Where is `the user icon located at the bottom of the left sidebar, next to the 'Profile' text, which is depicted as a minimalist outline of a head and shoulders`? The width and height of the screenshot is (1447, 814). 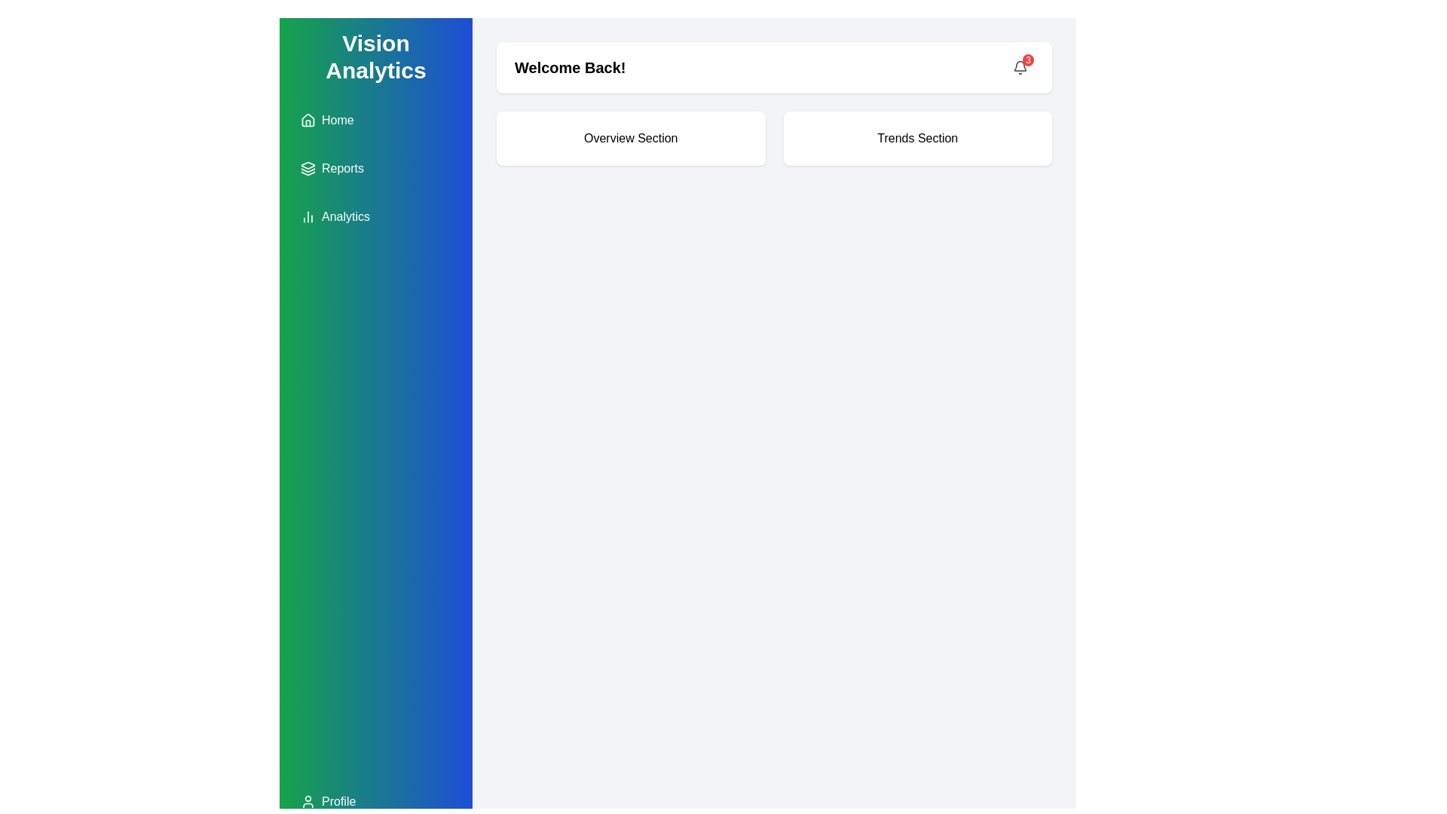
the user icon located at the bottom of the left sidebar, next to the 'Profile' text, which is depicted as a minimalist outline of a head and shoulders is located at coordinates (307, 801).